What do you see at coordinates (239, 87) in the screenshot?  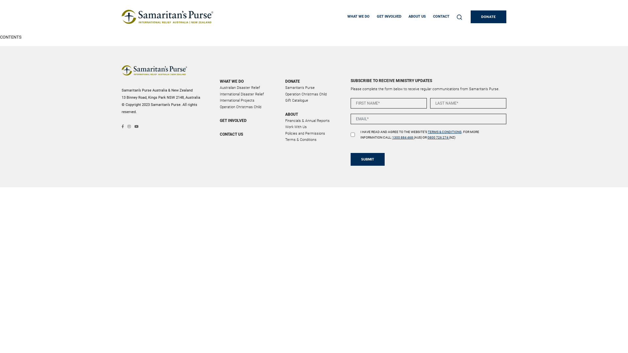 I see `'Australian Disaster Relief'` at bounding box center [239, 87].